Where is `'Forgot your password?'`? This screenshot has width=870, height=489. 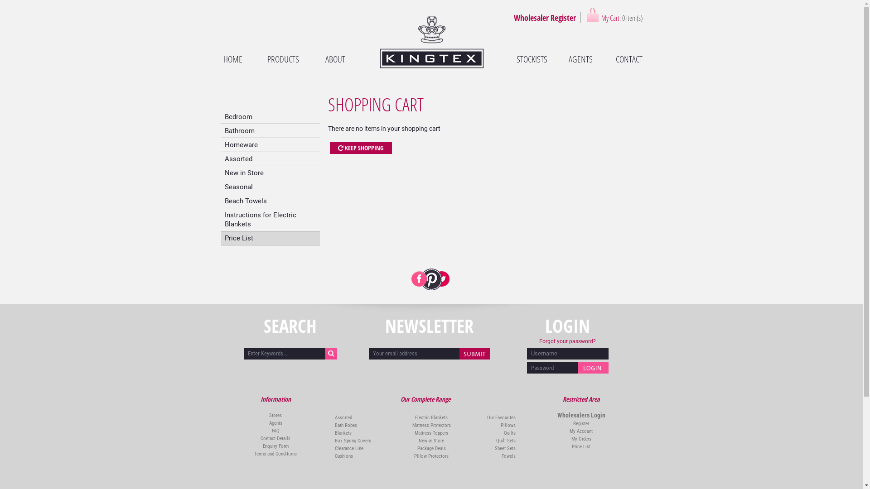 'Forgot your password?' is located at coordinates (567, 341).